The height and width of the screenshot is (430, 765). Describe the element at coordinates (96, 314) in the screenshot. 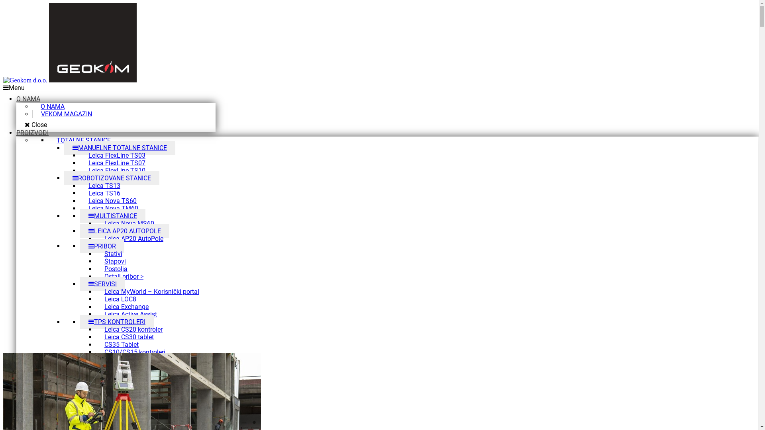

I see `'Leica Active Assist'` at that location.